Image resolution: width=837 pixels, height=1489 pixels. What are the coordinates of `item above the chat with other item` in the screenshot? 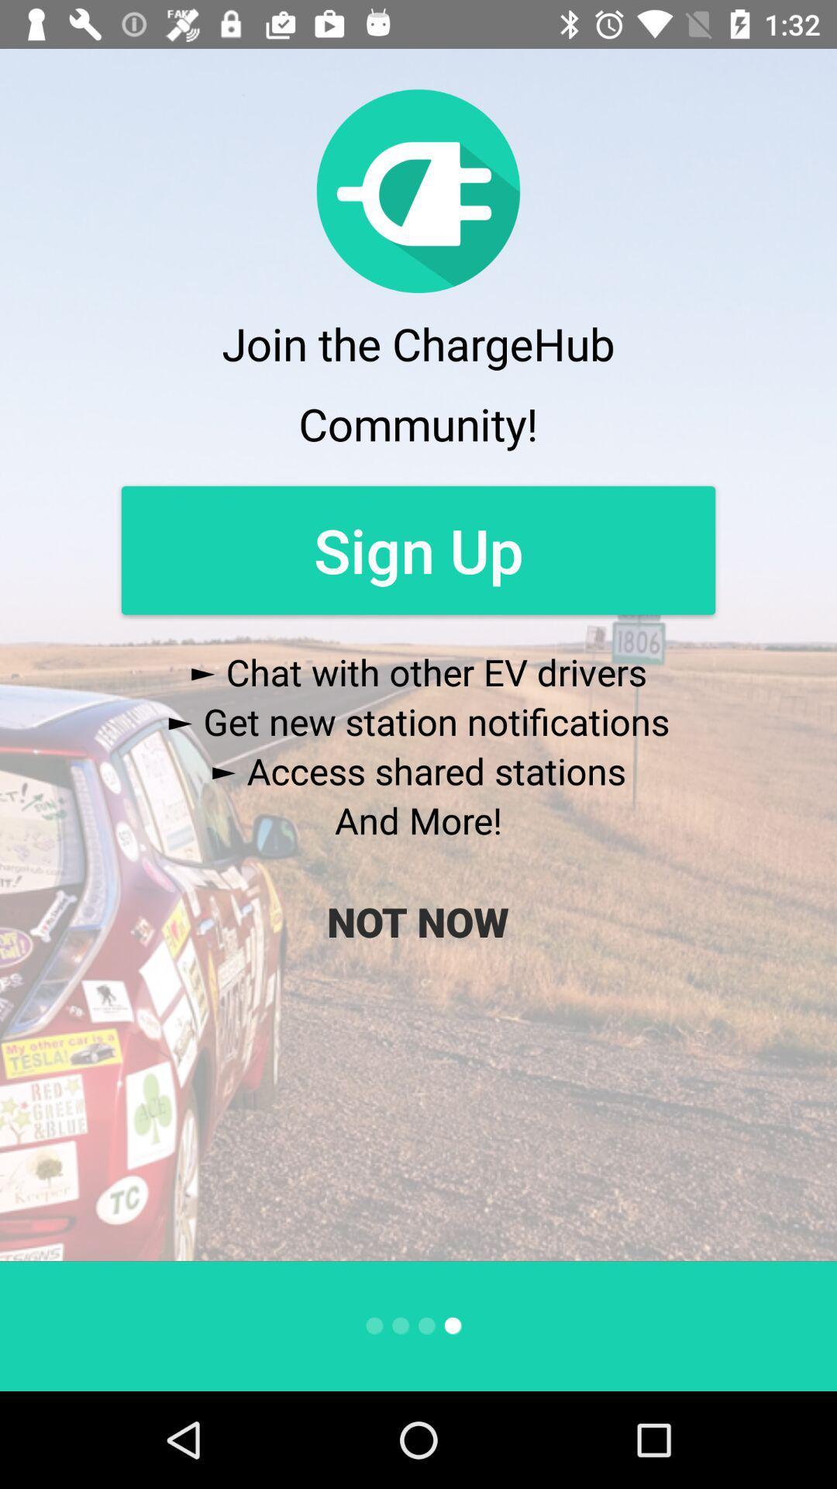 It's located at (418, 550).